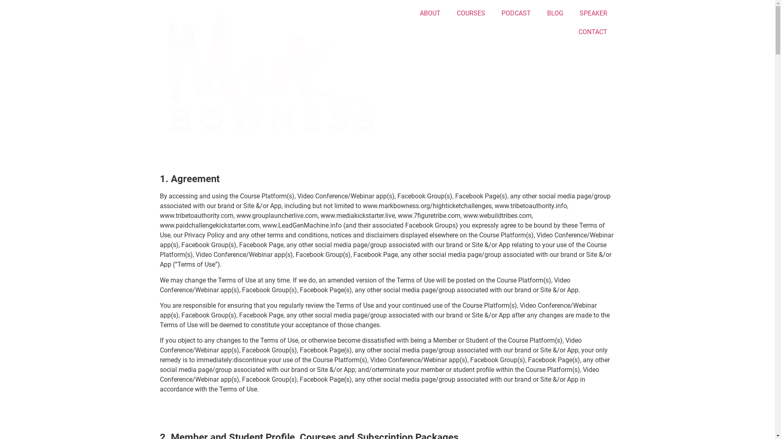 This screenshot has width=781, height=439. I want to click on 'COURSES', so click(470, 13).